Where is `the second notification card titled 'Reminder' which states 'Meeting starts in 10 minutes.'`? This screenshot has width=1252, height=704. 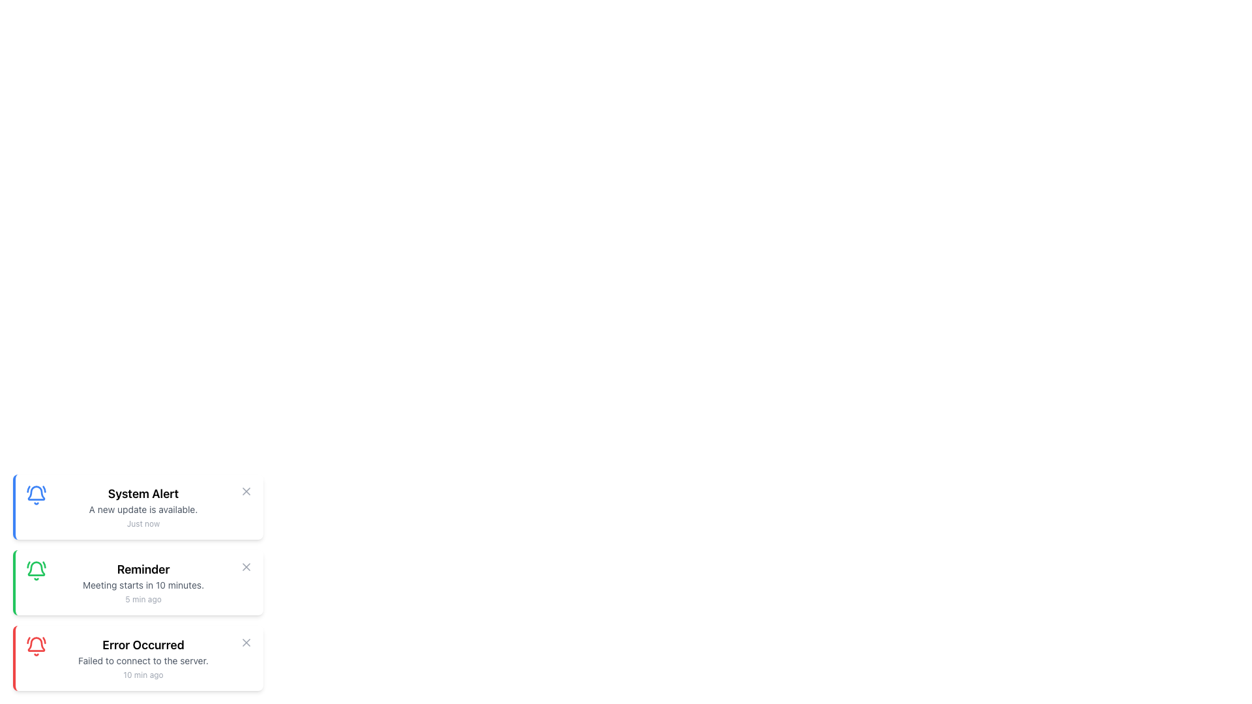 the second notification card titled 'Reminder' which states 'Meeting starts in 10 minutes.' is located at coordinates (138, 582).